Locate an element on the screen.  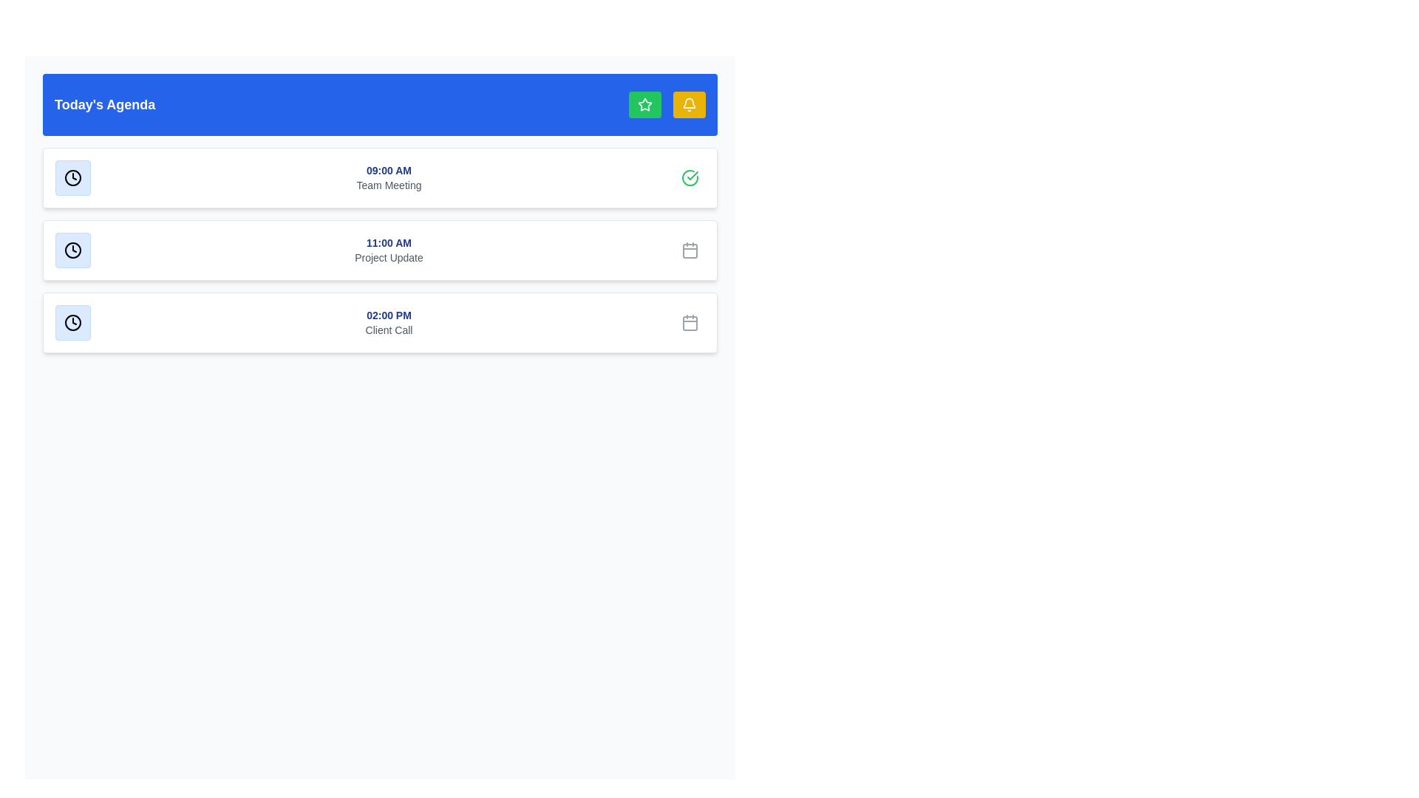
the blue square icon with rounded corners containing a clock symbol, located to the left of the '02:00 PM Client Call' agenda item is located at coordinates (72, 321).